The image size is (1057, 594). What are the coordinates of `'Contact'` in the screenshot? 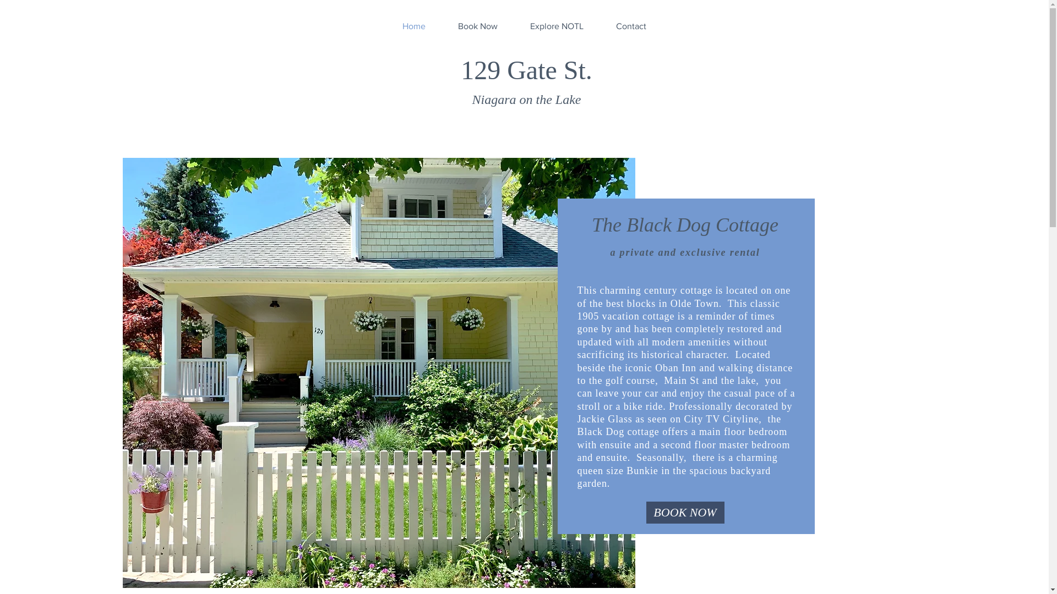 It's located at (599, 25).